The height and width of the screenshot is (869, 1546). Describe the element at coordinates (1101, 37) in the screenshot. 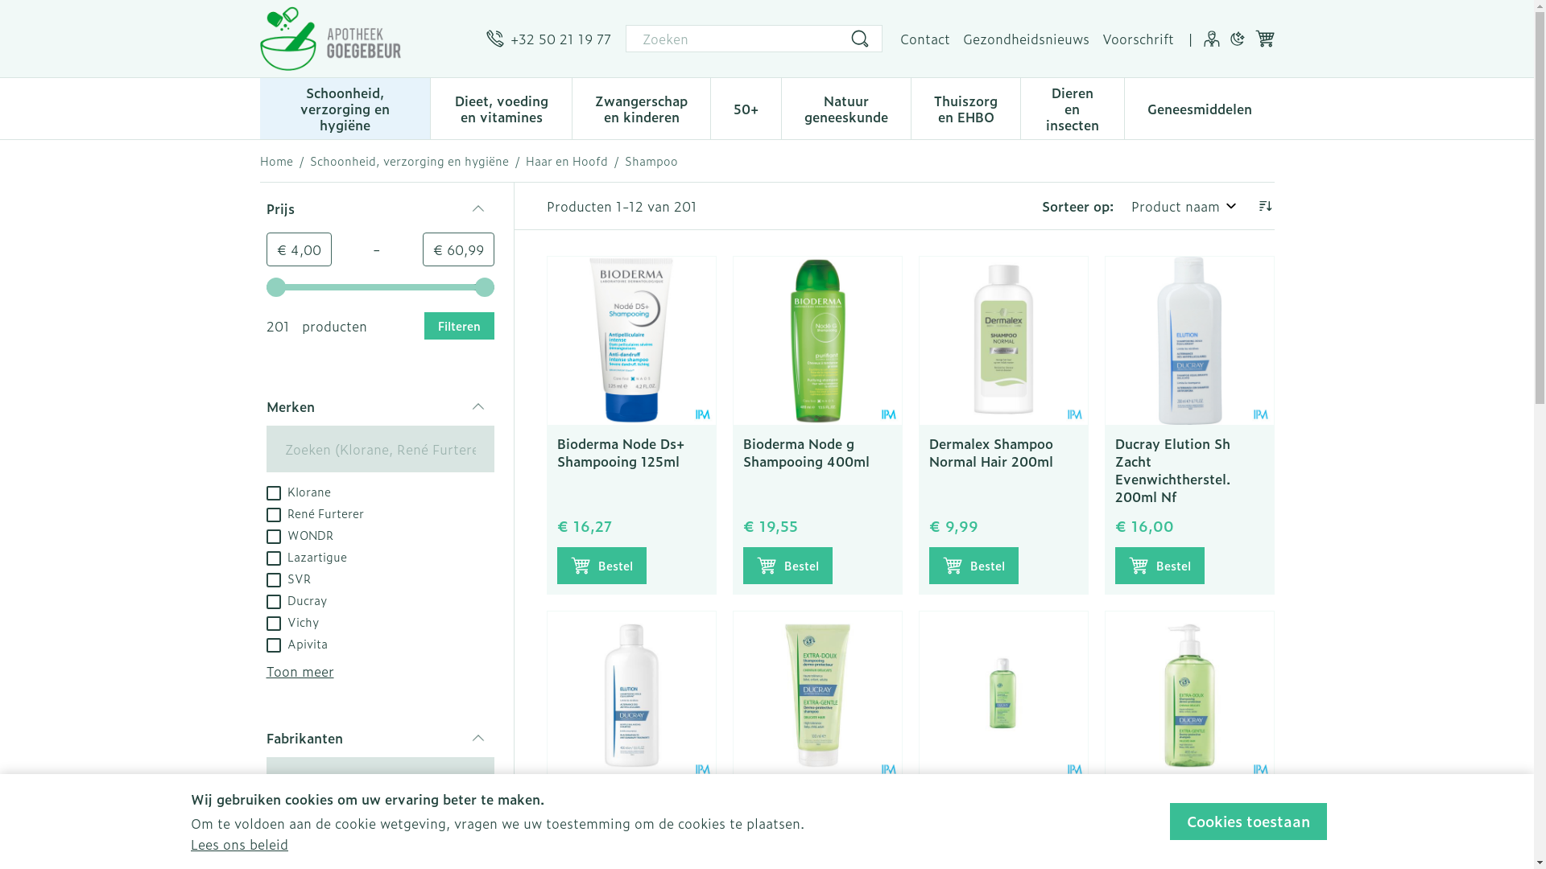

I see `'Voorschrift'` at that location.